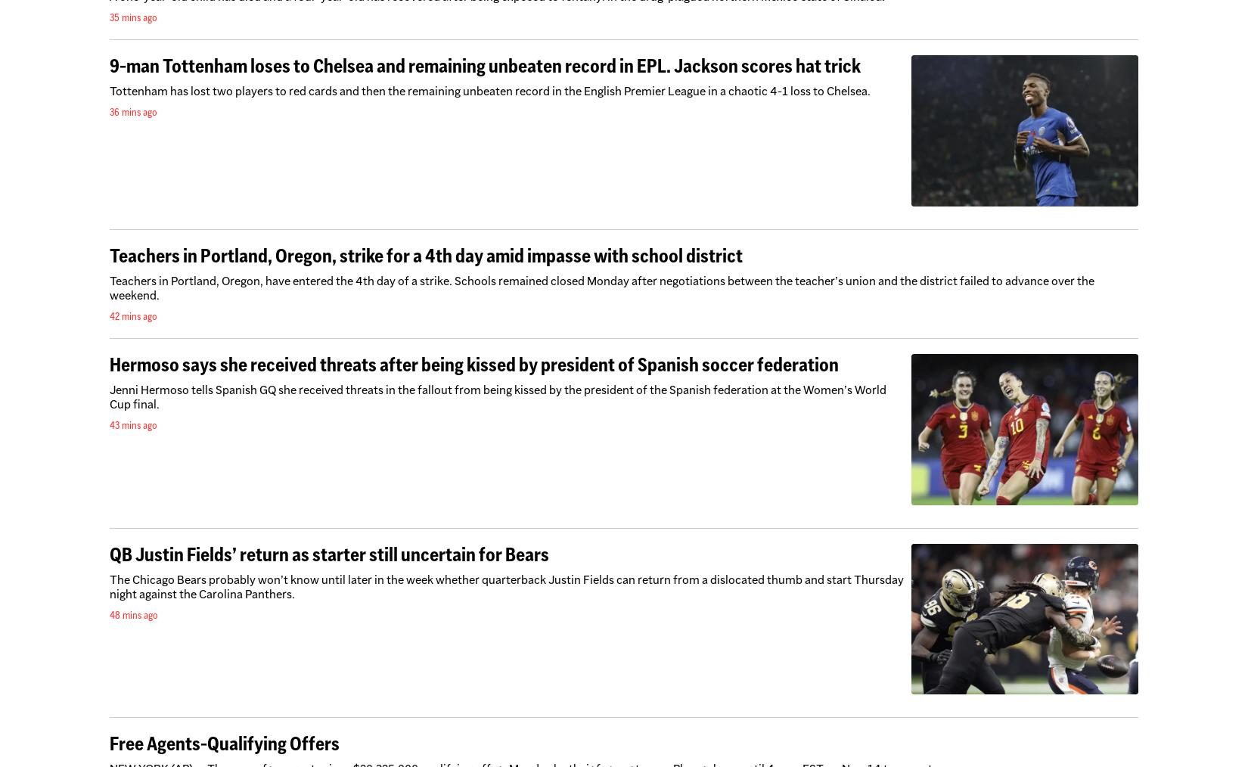  I want to click on 'QB Justin Fields’ return as starter still uncertain for Bears', so click(328, 553).